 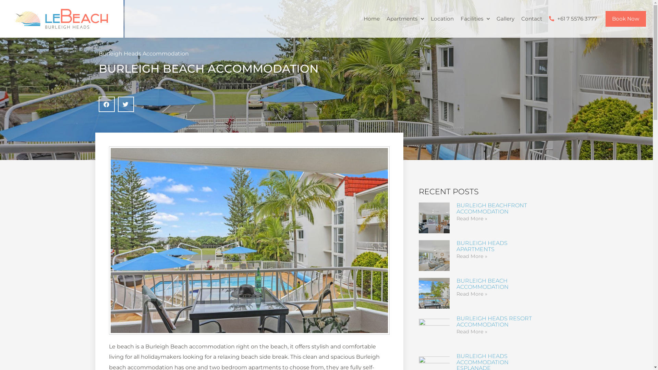 What do you see at coordinates (531, 18) in the screenshot?
I see `'Contact'` at bounding box center [531, 18].